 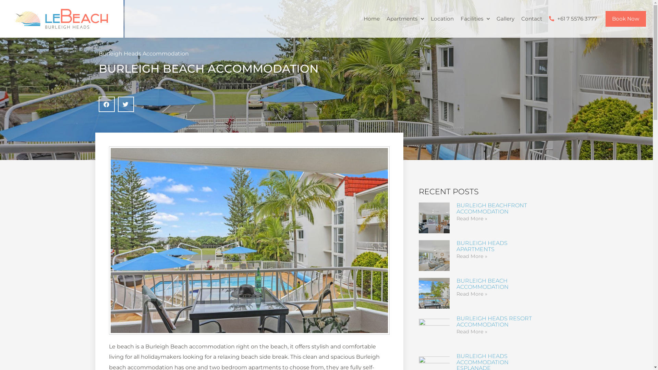 What do you see at coordinates (531, 18) in the screenshot?
I see `'Contact'` at bounding box center [531, 18].